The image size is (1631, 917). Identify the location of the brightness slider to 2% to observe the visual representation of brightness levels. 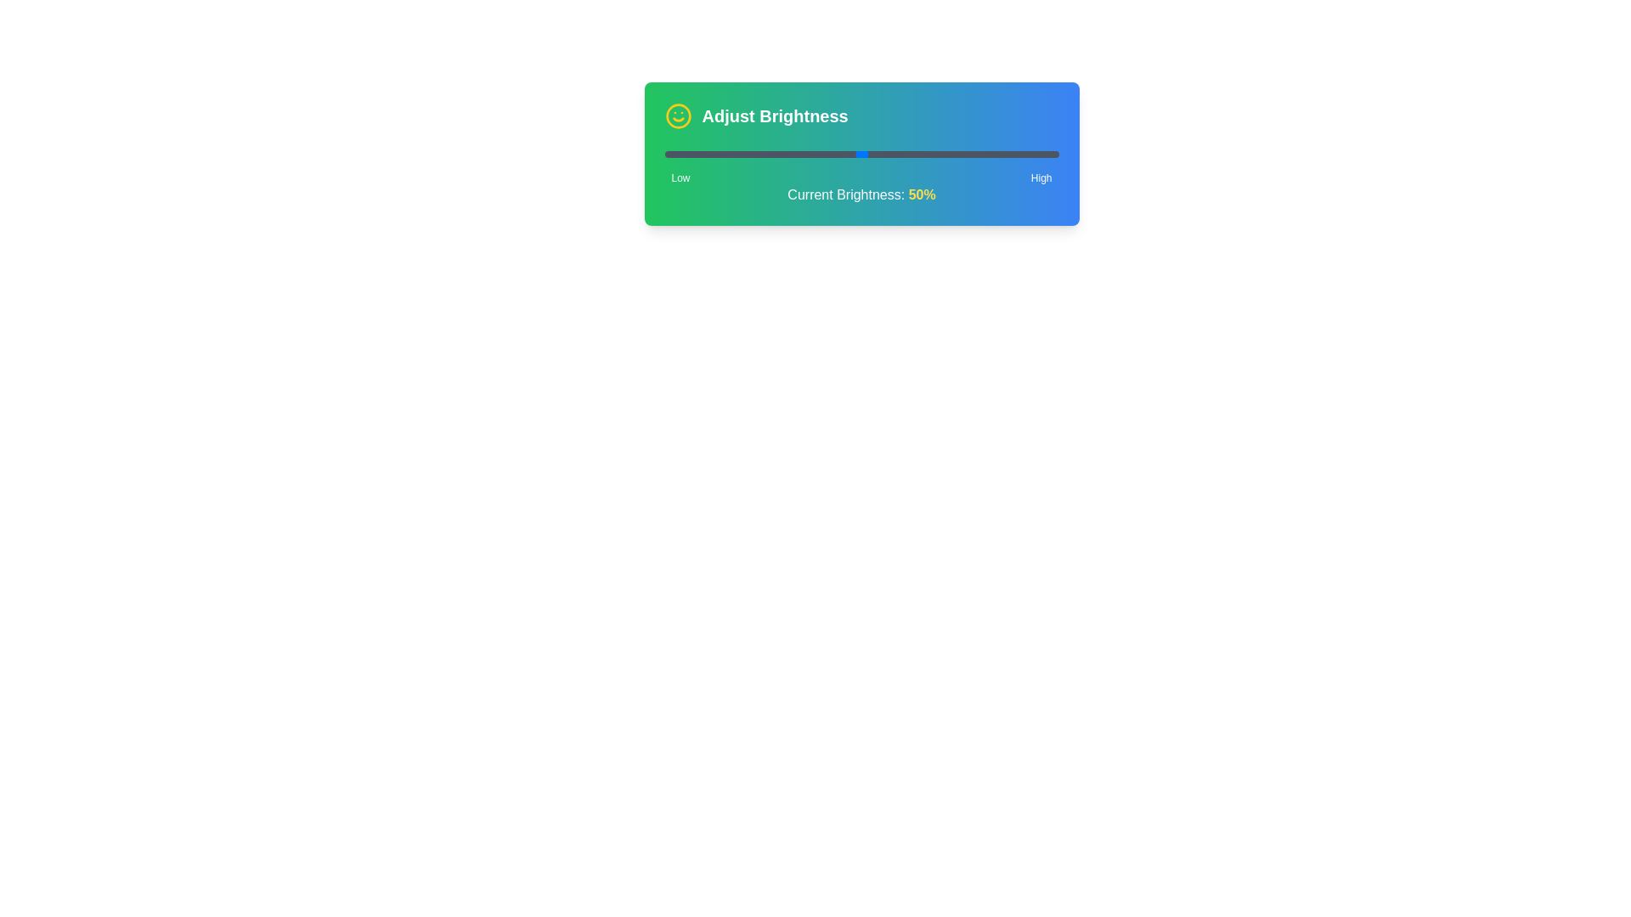
(671, 154).